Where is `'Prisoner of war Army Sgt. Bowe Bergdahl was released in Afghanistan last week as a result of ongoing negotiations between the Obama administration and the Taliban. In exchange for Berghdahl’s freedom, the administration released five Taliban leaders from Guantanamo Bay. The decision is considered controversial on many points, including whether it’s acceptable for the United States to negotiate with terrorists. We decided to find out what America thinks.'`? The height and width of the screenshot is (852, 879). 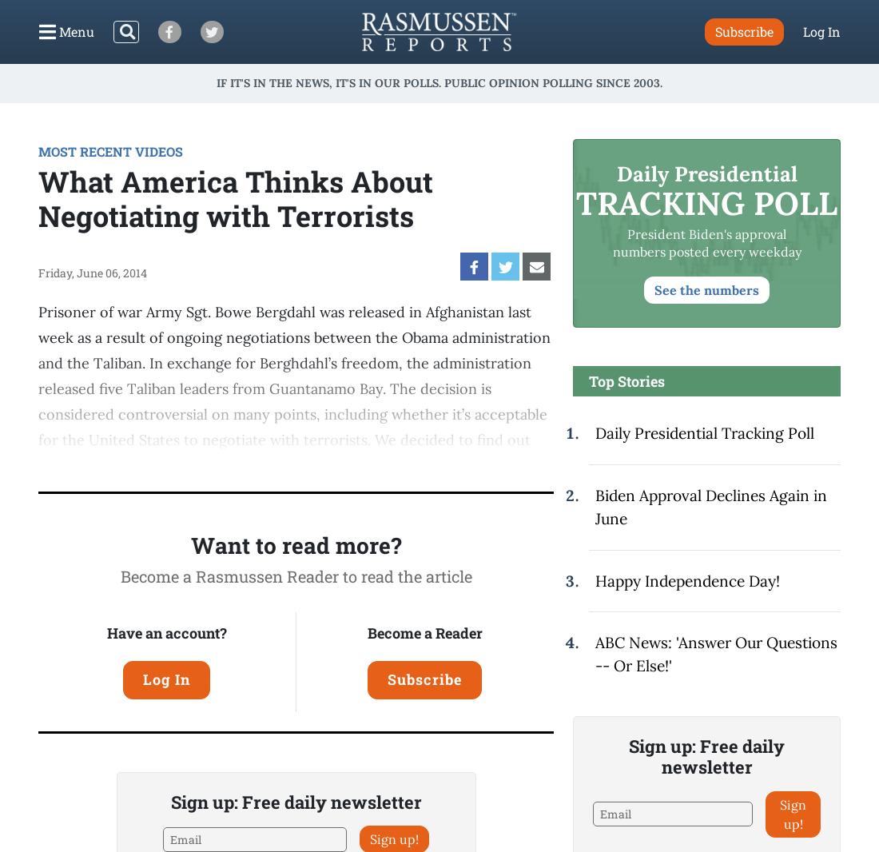 'Prisoner of war Army Sgt. Bowe Bergdahl was released in Afghanistan last week as a result of ongoing negotiations between the Obama administration and the Taliban. In exchange for Berghdahl’s freedom, the administration released five Taliban leaders from Guantanamo Bay. The decision is considered controversial on many points, including whether it’s acceptable for the United States to negotiate with terrorists. We decided to find out what America thinks.' is located at coordinates (294, 388).